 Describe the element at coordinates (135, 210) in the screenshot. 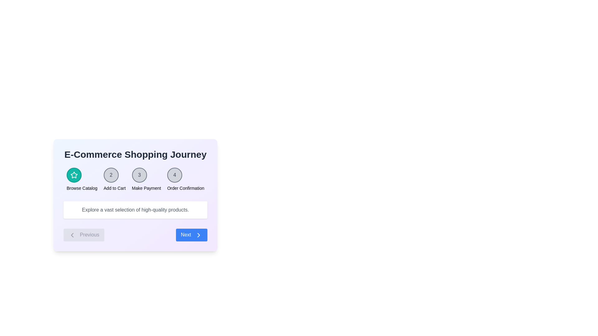

I see `the text label displaying 'Explore a vast selection of high-quality products.' which is centrally aligned below the multi-step progress indicators in a white, rounded rectangle card` at that location.